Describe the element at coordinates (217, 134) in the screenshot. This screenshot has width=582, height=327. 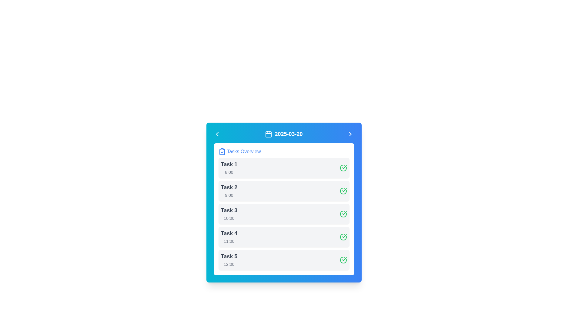
I see `the left-pointing chevron icon button located at the top-left corner of the header bar` at that location.